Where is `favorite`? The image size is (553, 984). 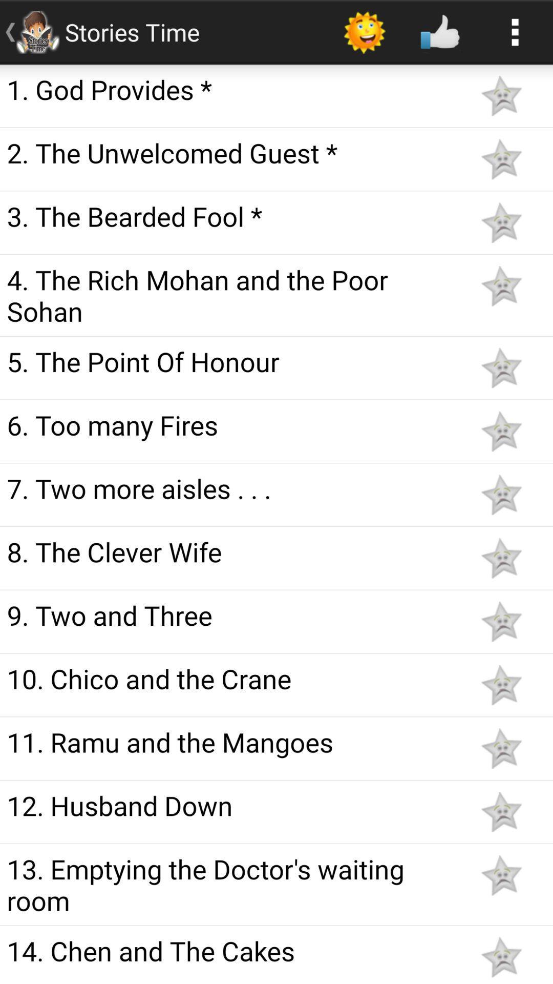 favorite is located at coordinates (501, 96).